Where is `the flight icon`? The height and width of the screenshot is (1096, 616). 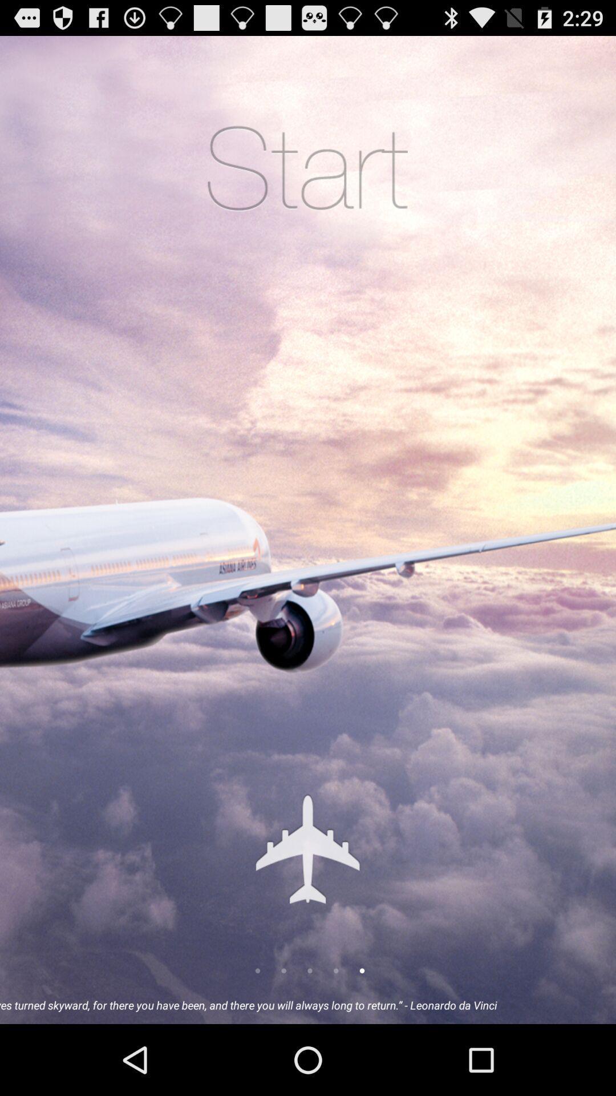
the flight icon is located at coordinates (307, 908).